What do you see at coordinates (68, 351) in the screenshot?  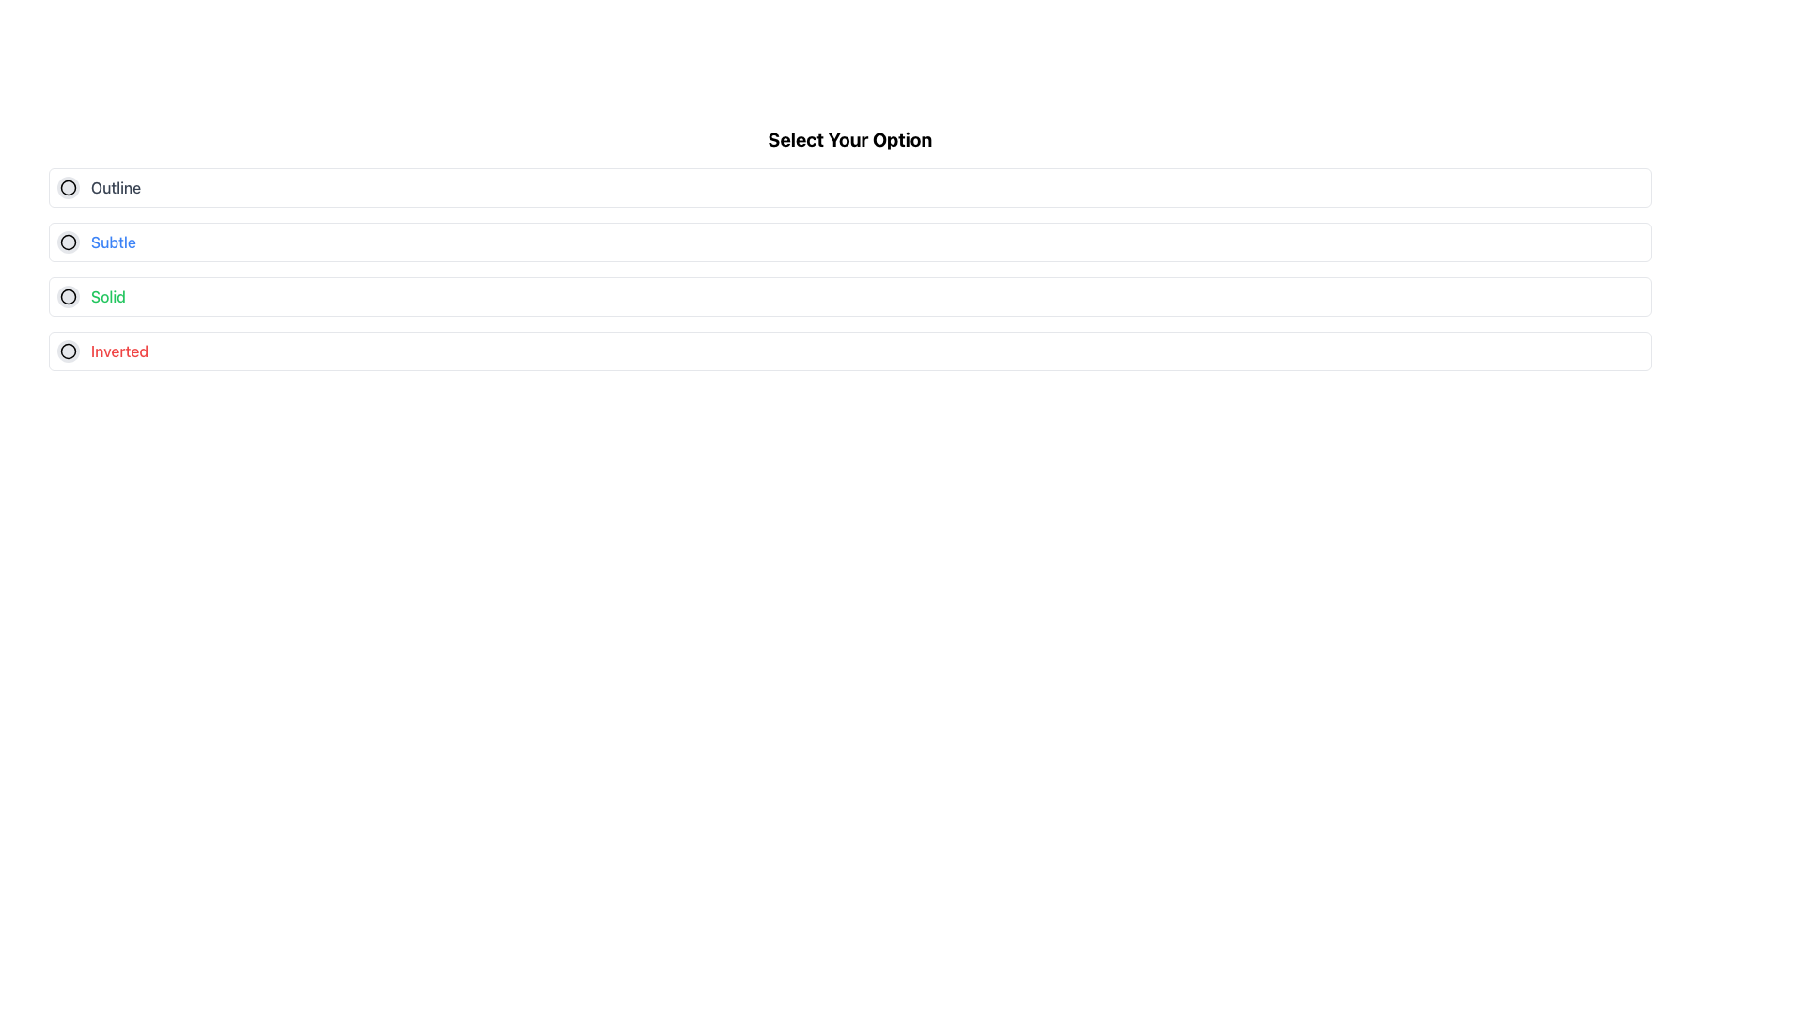 I see `the 'Inverted' selectable radio button indicator, which is styled as a circular button with a gray background and black border, located at the bottom-most option in the list` at bounding box center [68, 351].